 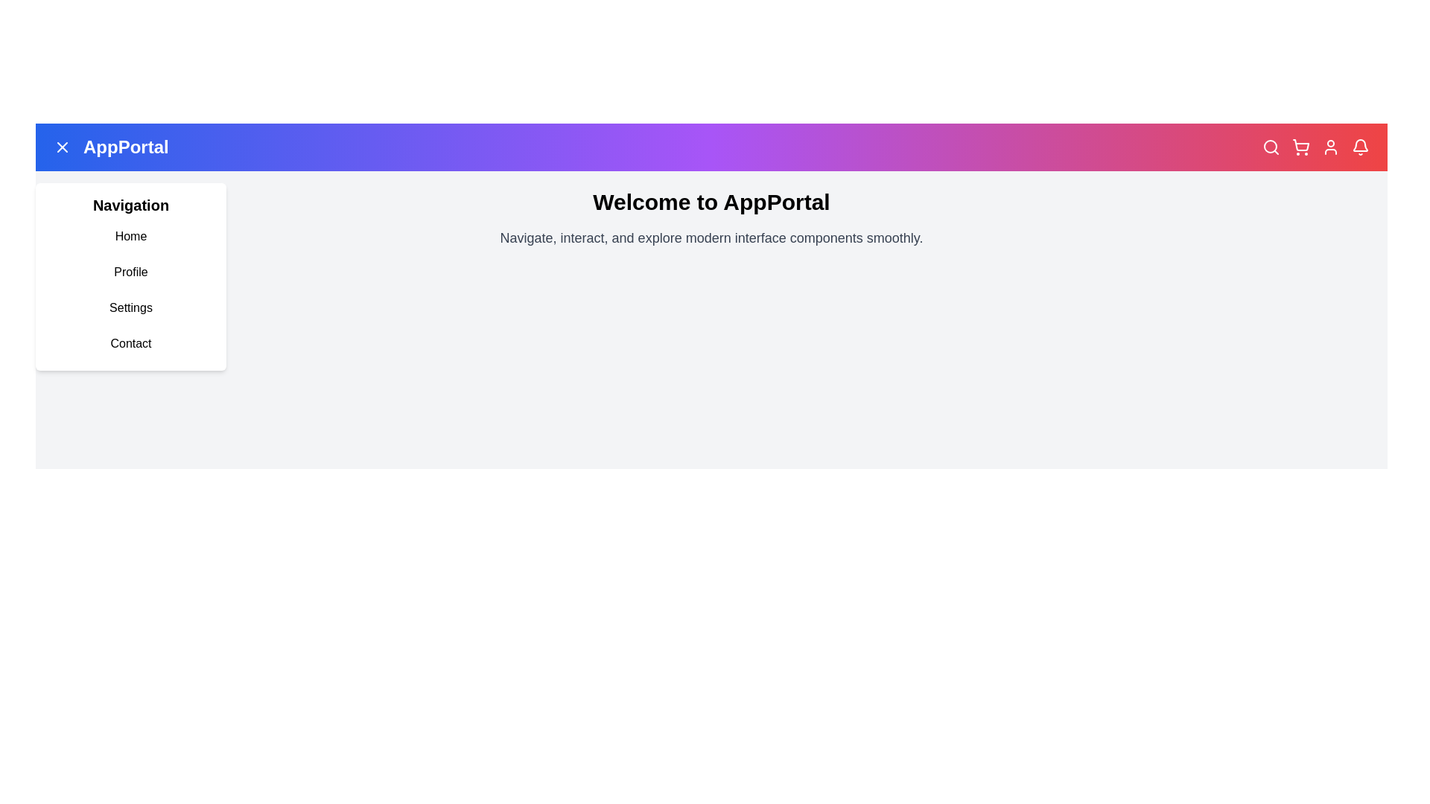 I want to click on the 'AppPortal' text label, which serves as the title for the application and is positioned on the left side of the top navigation bar, adjacent to the close icon, so click(x=126, y=147).